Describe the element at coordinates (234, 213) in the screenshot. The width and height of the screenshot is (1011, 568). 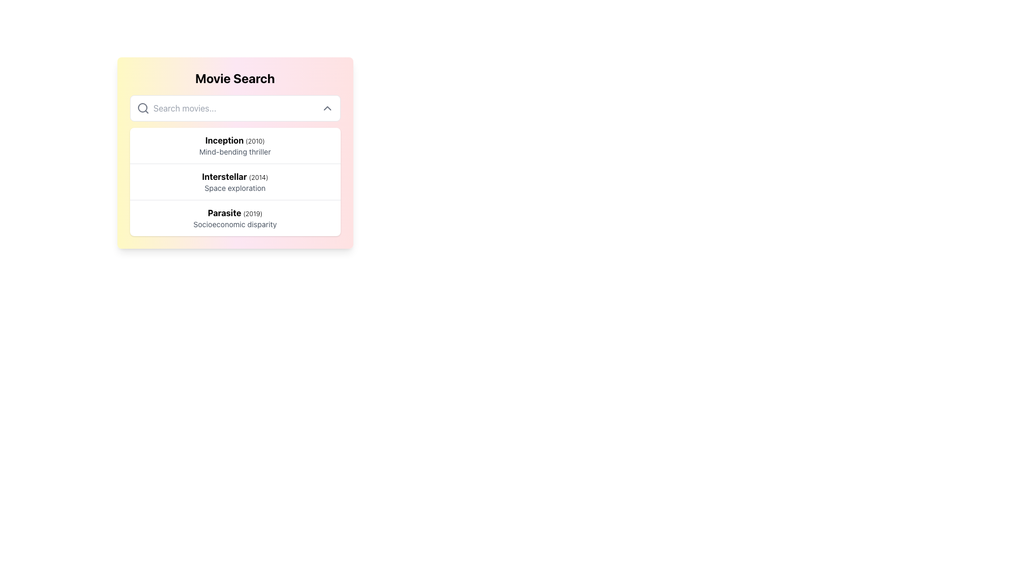
I see `the main title text for the movie 'Parasite' located at the top middle of the results list, which is positioned on the third line below 'Interstellar (2014)'` at that location.